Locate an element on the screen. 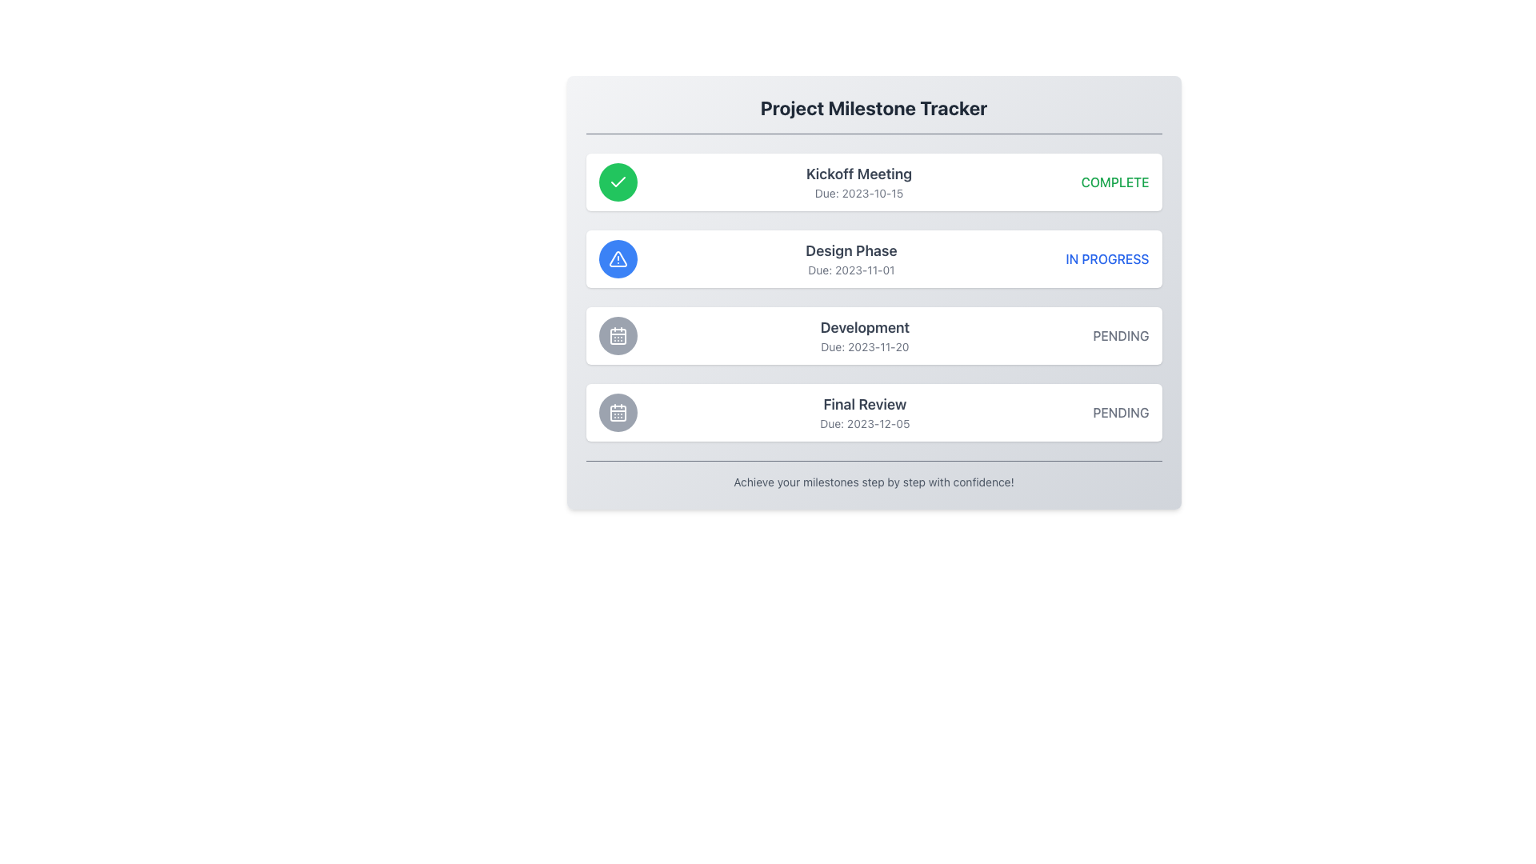 Image resolution: width=1536 pixels, height=864 pixels. the checkmark icon located inside the green circular icon to the left of the 'Kickoff Meeting' milestone row is located at coordinates (617, 181).